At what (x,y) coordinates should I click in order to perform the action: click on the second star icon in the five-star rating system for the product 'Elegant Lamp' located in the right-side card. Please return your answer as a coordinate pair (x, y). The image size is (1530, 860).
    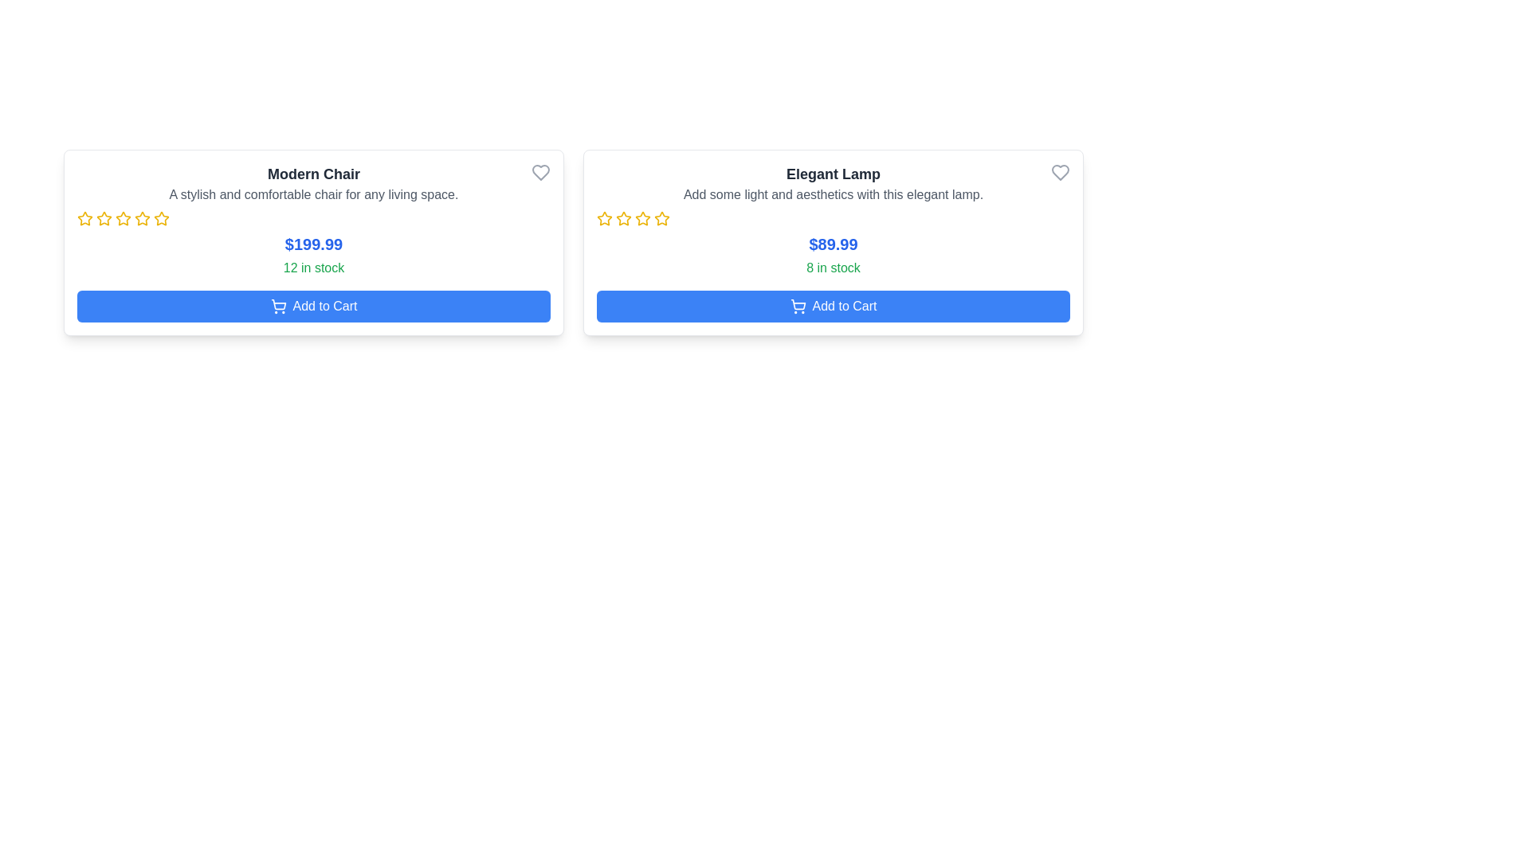
    Looking at the image, I should click on (622, 218).